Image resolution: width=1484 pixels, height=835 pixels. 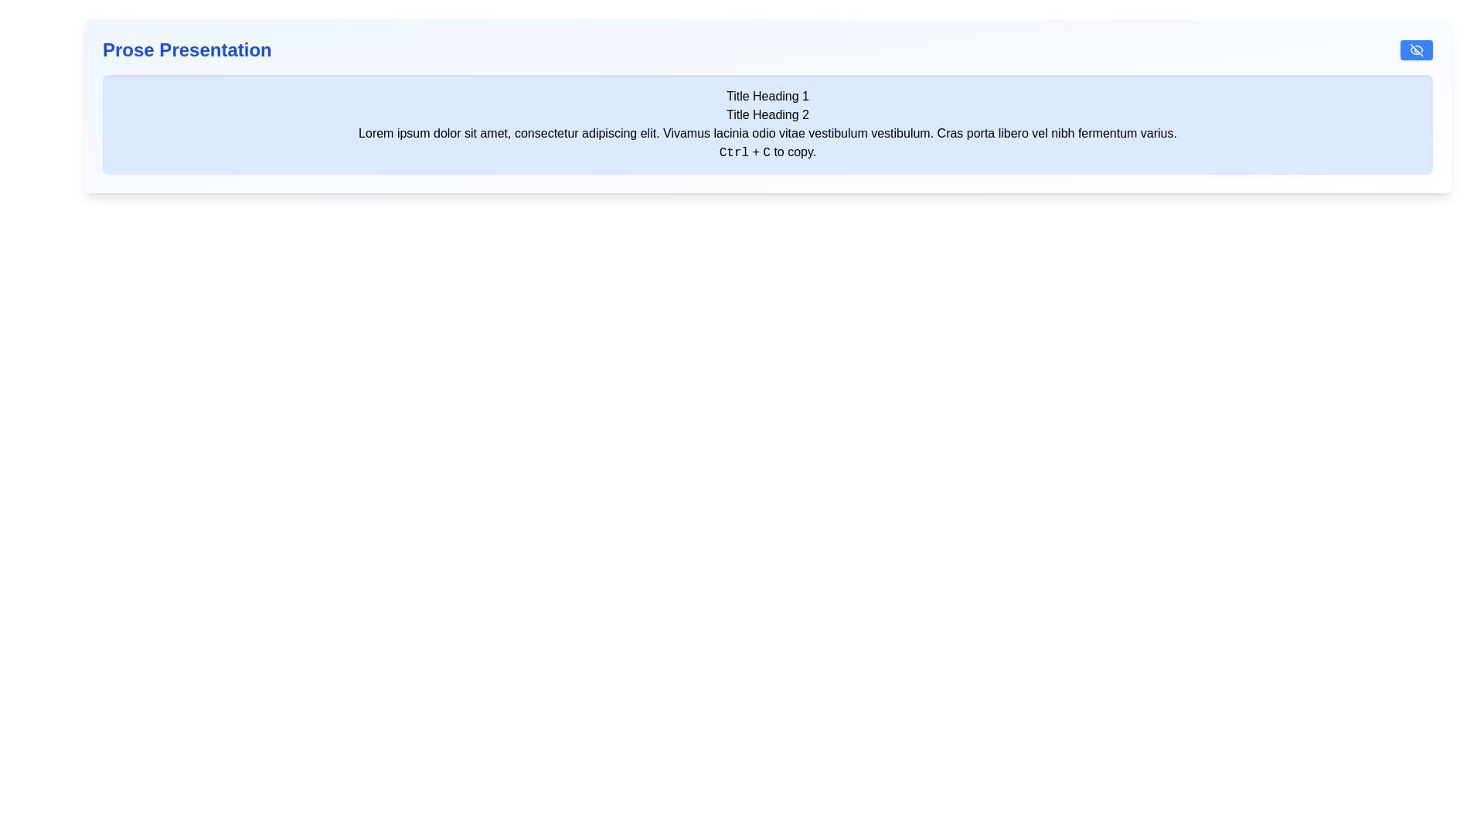 I want to click on the text heading labeled 'Prose Presentation', which is styled in bold and blue color, located at the top-left corner of the page, so click(x=186, y=49).